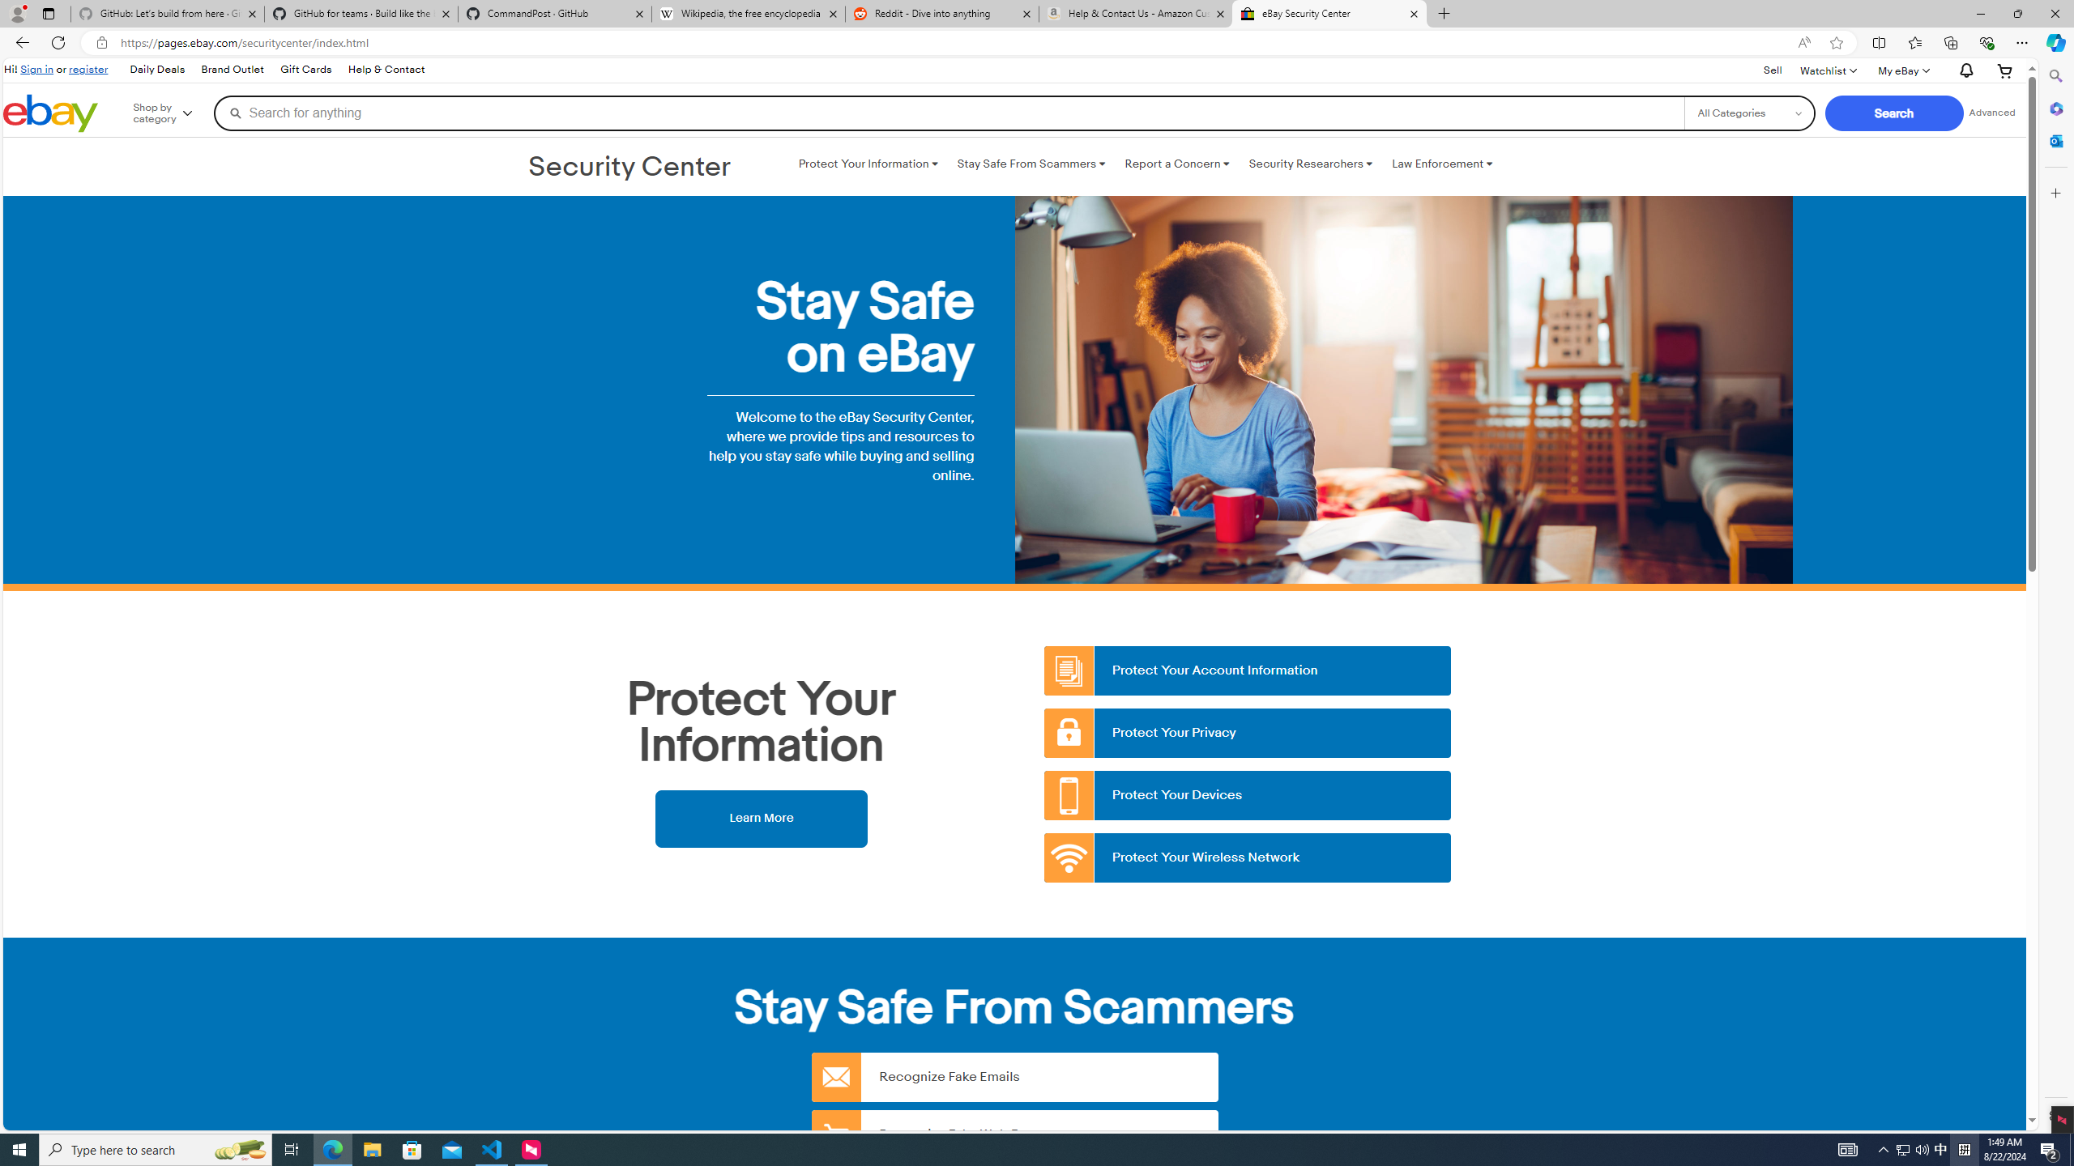  I want to click on 'Wikipedia, the free encyclopedia', so click(749, 13).